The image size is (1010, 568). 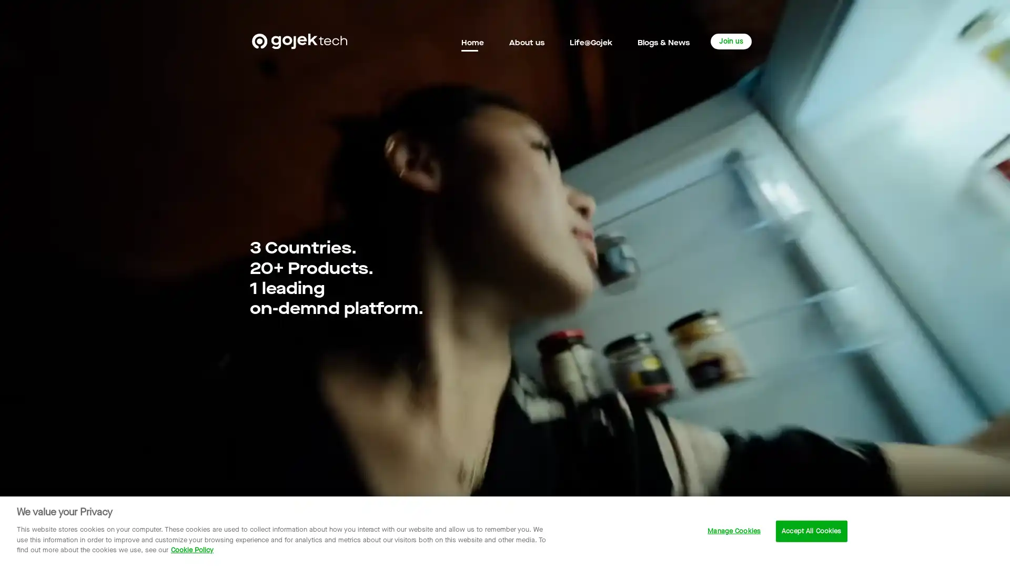 I want to click on Manage Cookies, so click(x=733, y=531).